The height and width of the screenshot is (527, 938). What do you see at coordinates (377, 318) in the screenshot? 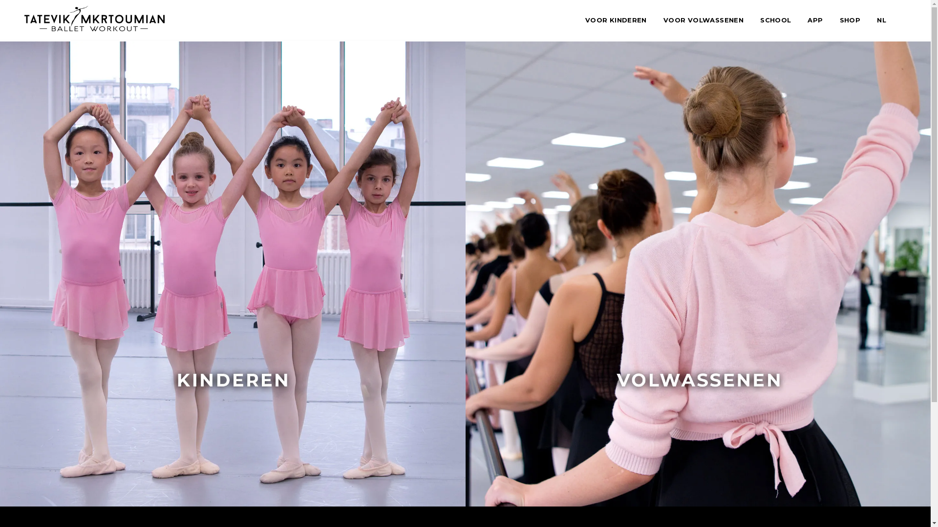
I see `'Log In'` at bounding box center [377, 318].